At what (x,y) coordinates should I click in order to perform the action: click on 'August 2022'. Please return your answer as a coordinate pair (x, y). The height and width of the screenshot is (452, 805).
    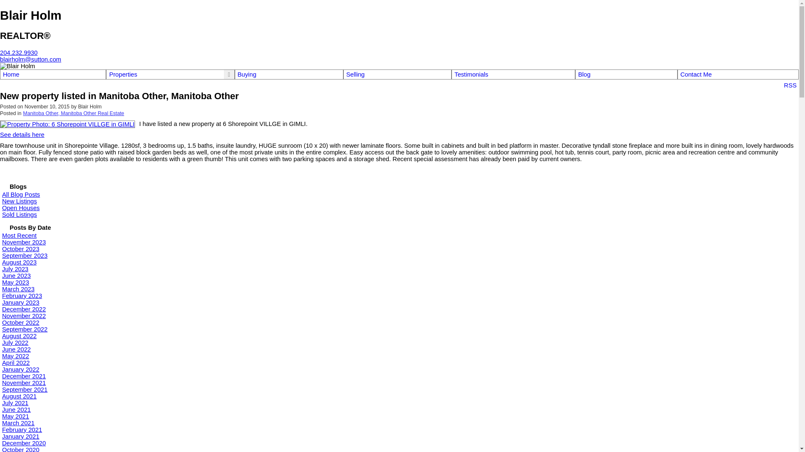
    Looking at the image, I should click on (19, 335).